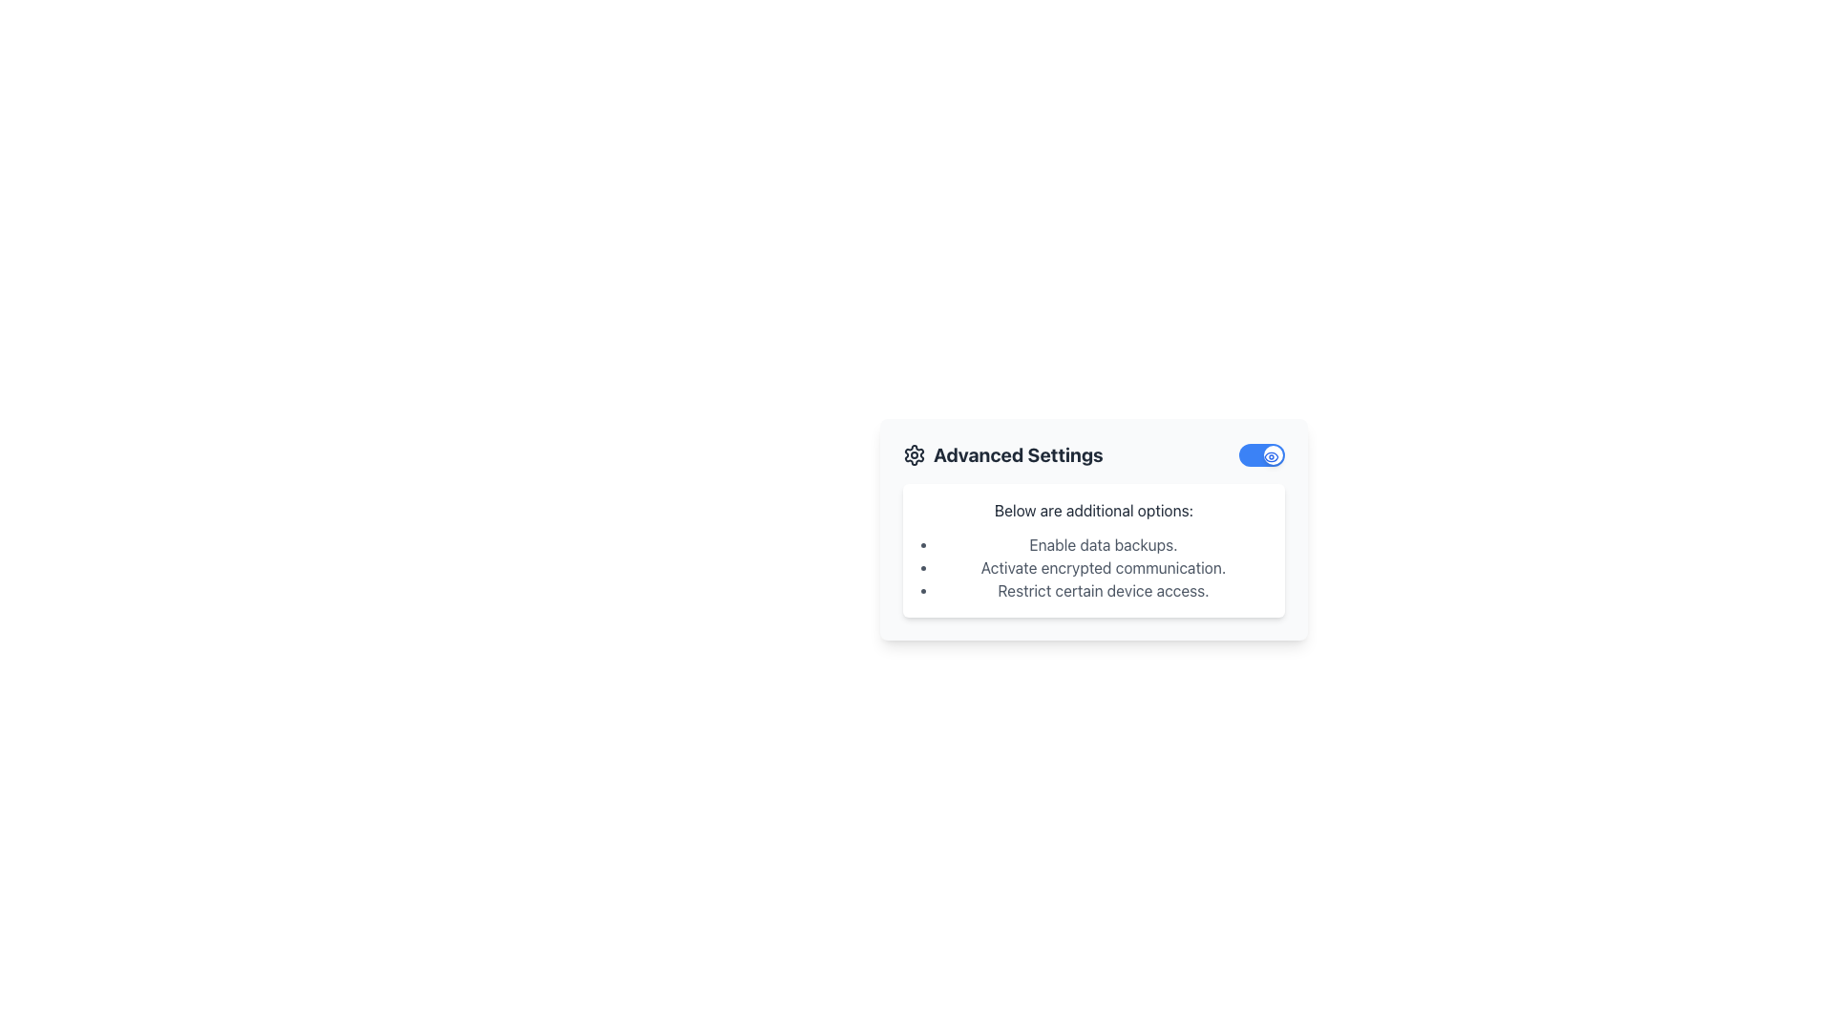  I want to click on the settings icon, which is a cogwheel represented in SVG format and located to the left of the 'Advanced Settings' label, so click(914, 455).